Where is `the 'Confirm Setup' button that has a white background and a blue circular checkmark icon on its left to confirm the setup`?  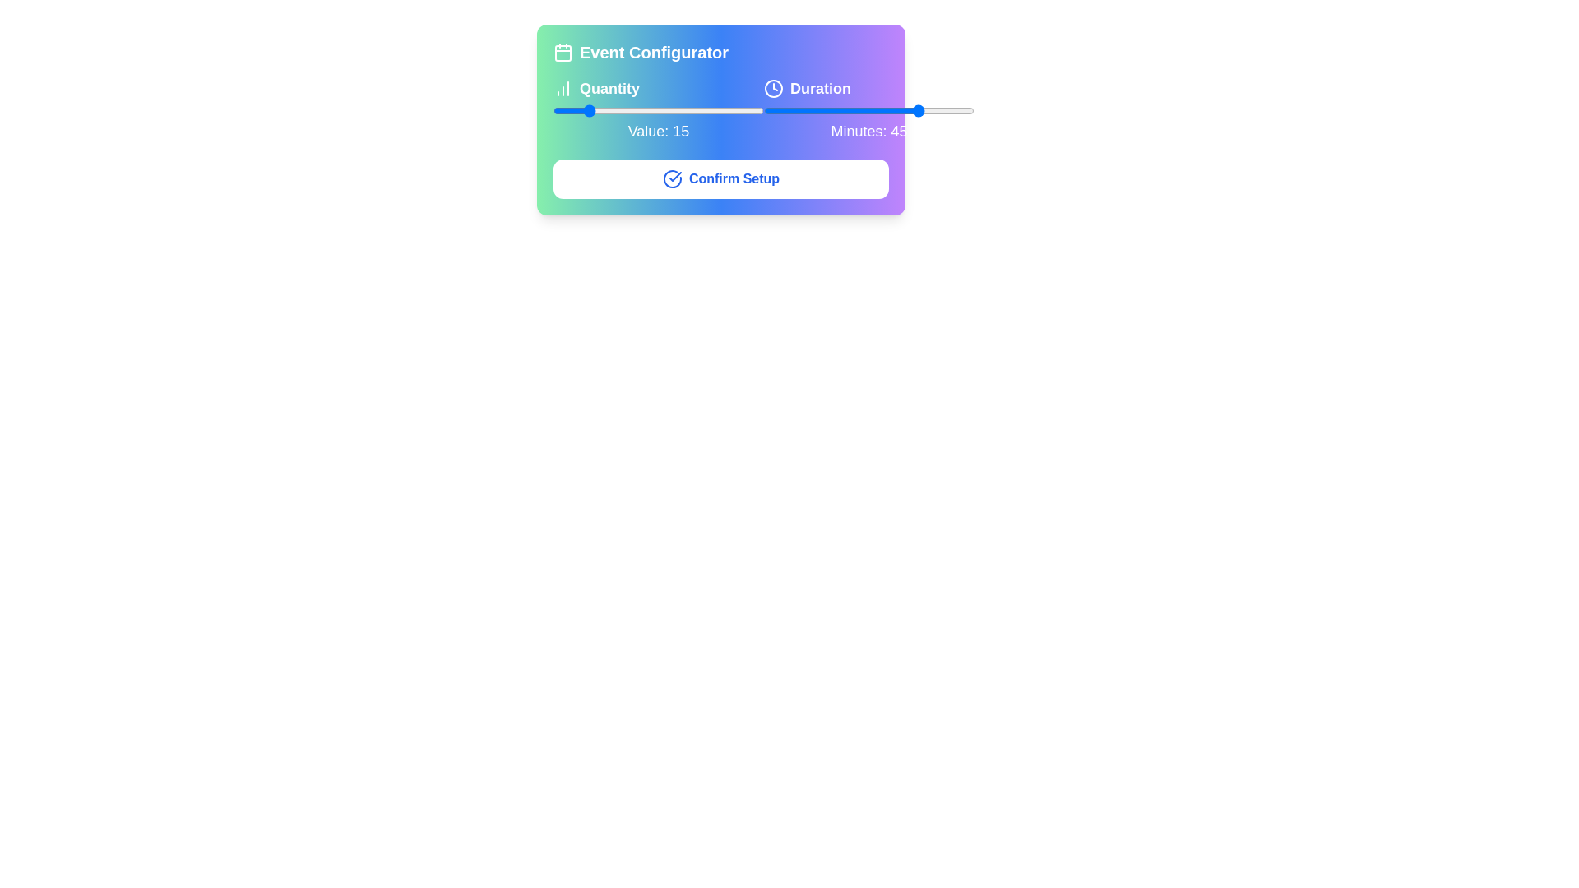
the 'Confirm Setup' button that has a white background and a blue circular checkmark icon on its left to confirm the setup is located at coordinates (721, 179).